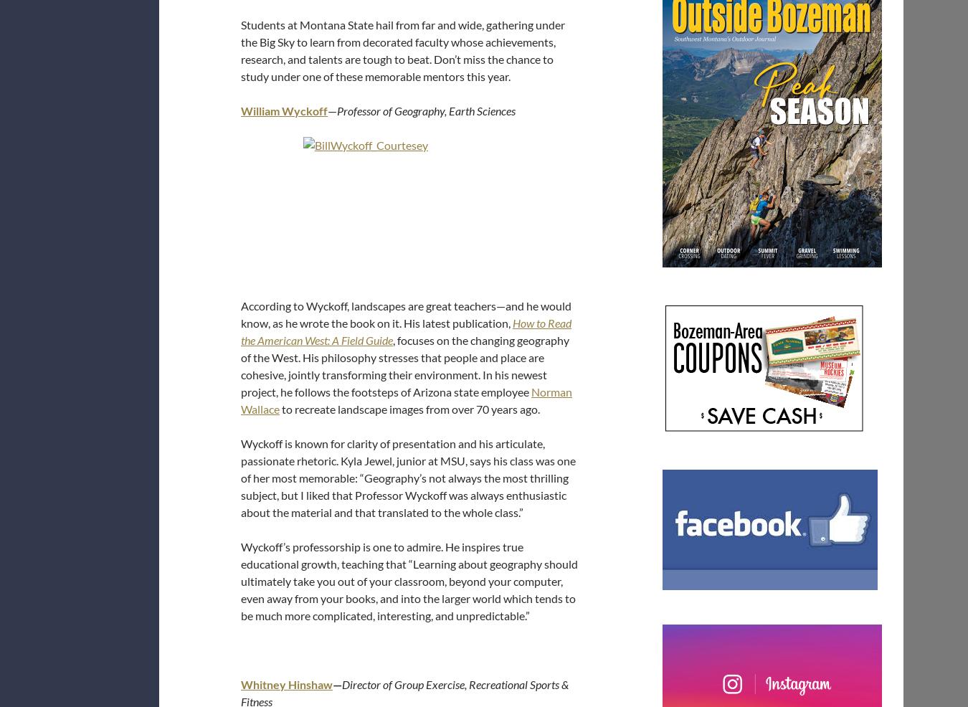 The height and width of the screenshot is (707, 968). What do you see at coordinates (402, 49) in the screenshot?
I see `'Students at Montana State hail from far and wide, gathering under the Big Sky to learn from decorated faculty whose achievements, research, and talents are tough to beat. Don’t miss the chance to study under one of these memorable mentors this year.'` at bounding box center [402, 49].